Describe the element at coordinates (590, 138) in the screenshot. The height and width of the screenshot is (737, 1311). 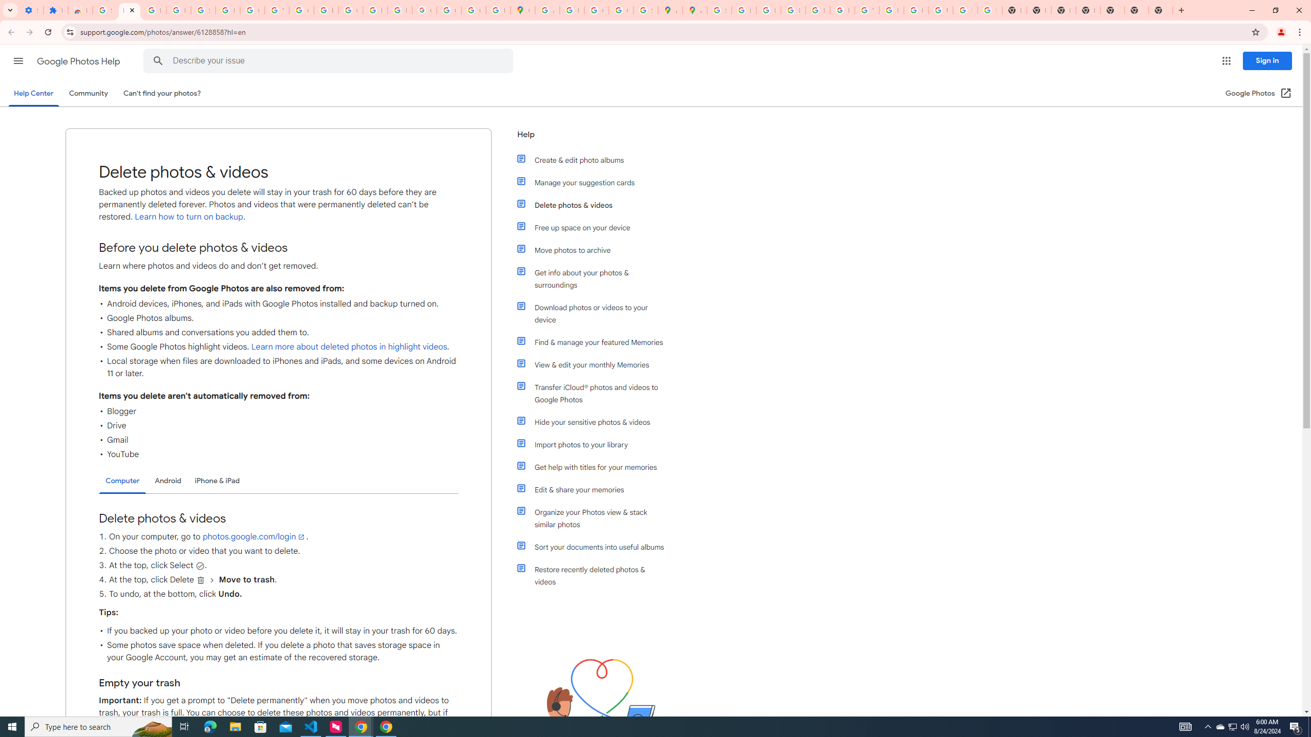
I see `'Help'` at that location.